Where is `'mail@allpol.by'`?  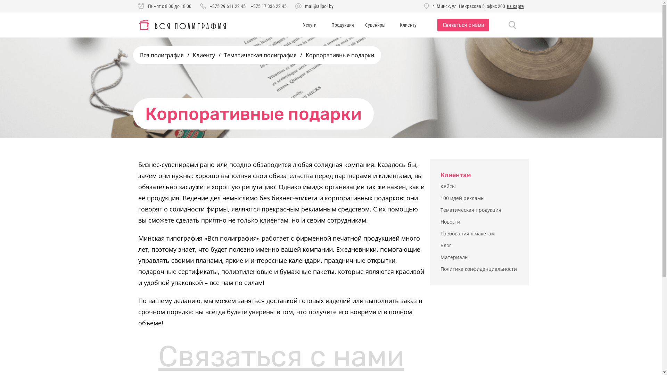
'mail@allpol.by' is located at coordinates (305, 6).